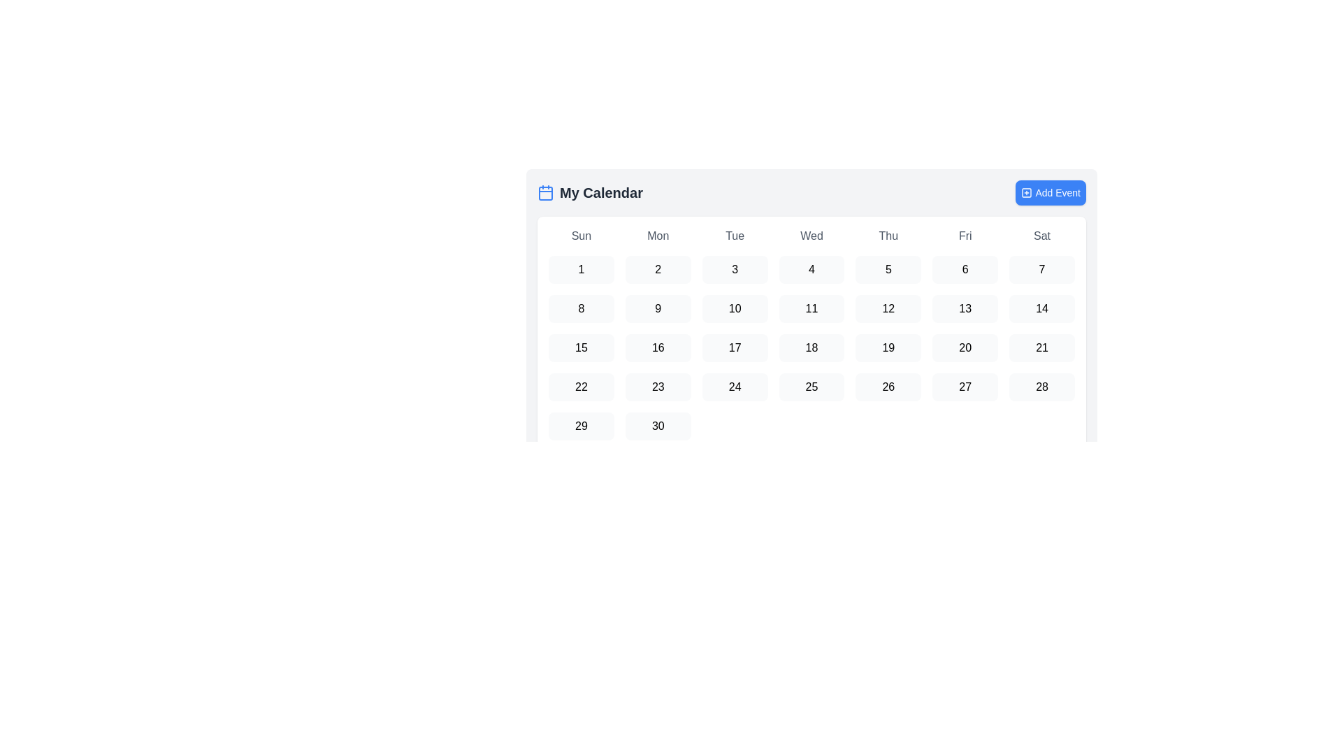 This screenshot has width=1342, height=755. I want to click on the calendar day cell displaying the number '29', so click(581, 425).